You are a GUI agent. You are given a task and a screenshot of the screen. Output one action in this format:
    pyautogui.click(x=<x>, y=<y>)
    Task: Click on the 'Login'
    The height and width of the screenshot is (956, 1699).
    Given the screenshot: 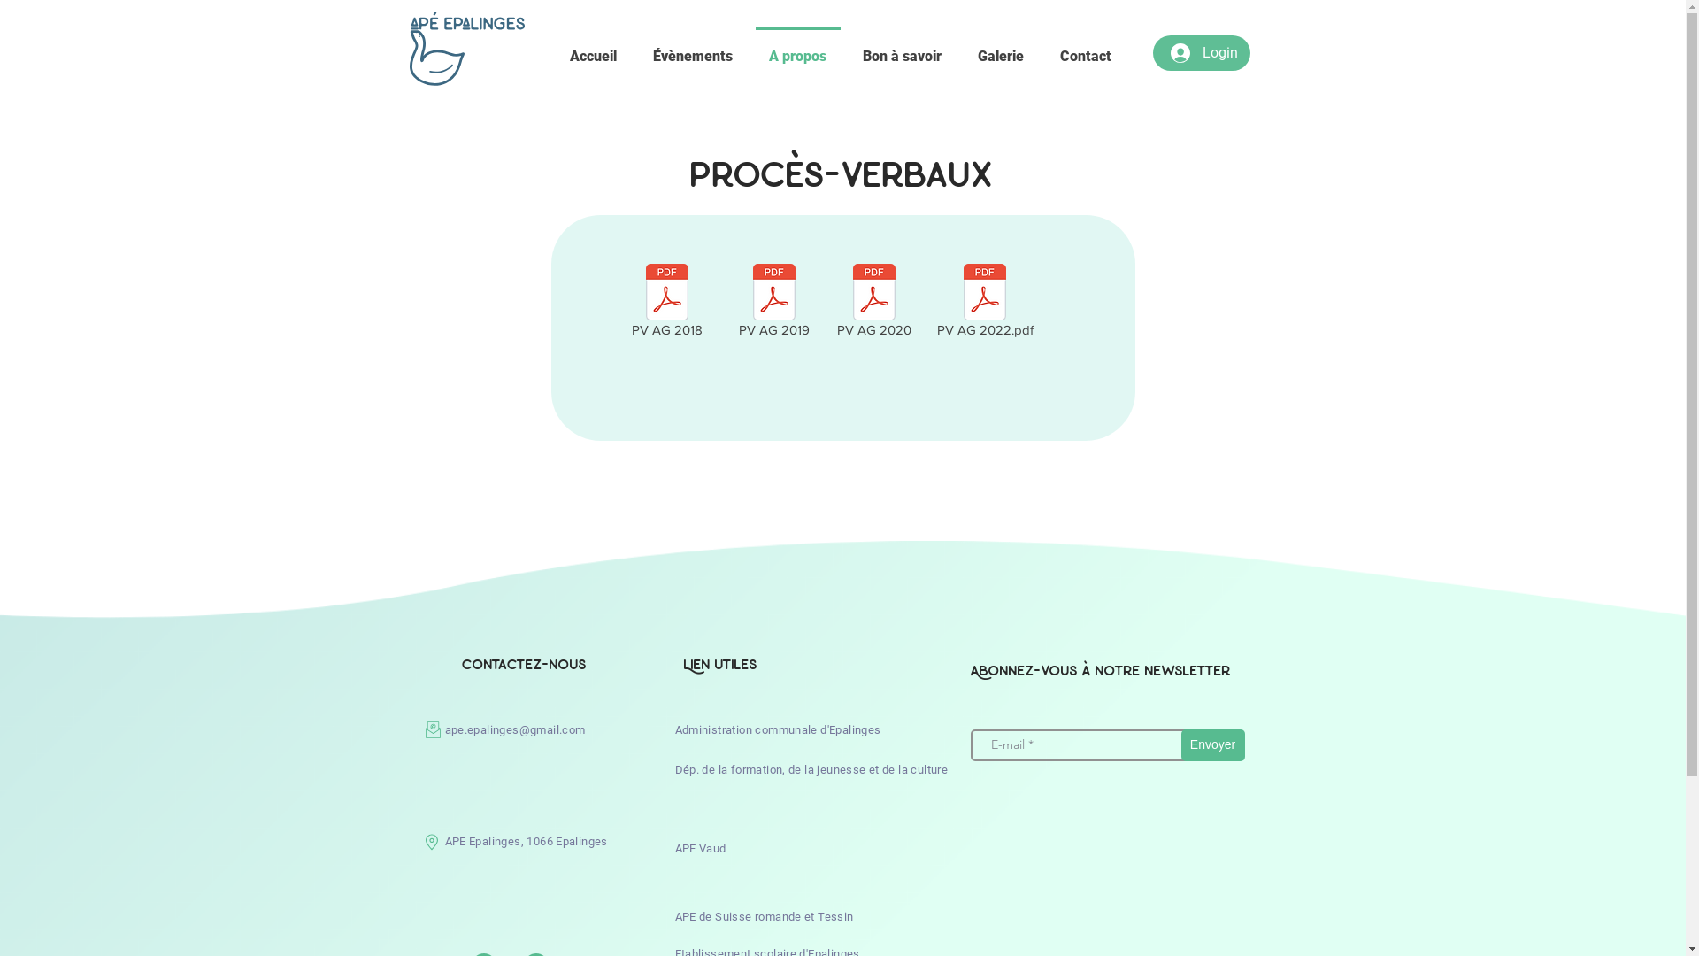 What is the action you would take?
    pyautogui.click(x=1203, y=52)
    